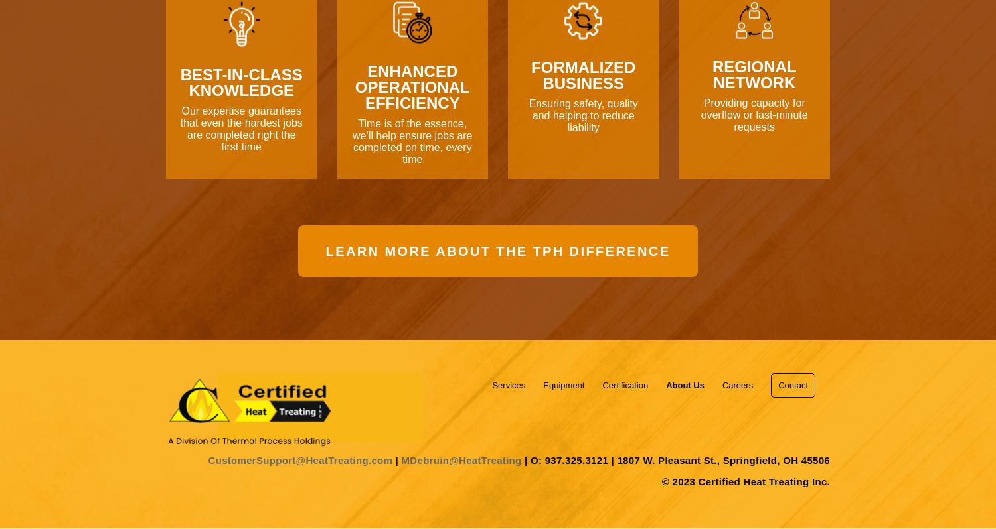 This screenshot has height=529, width=996. Describe the element at coordinates (240, 128) in the screenshot. I see `'Our expertise guarantees that even the hardest jobs are completed right the first time'` at that location.